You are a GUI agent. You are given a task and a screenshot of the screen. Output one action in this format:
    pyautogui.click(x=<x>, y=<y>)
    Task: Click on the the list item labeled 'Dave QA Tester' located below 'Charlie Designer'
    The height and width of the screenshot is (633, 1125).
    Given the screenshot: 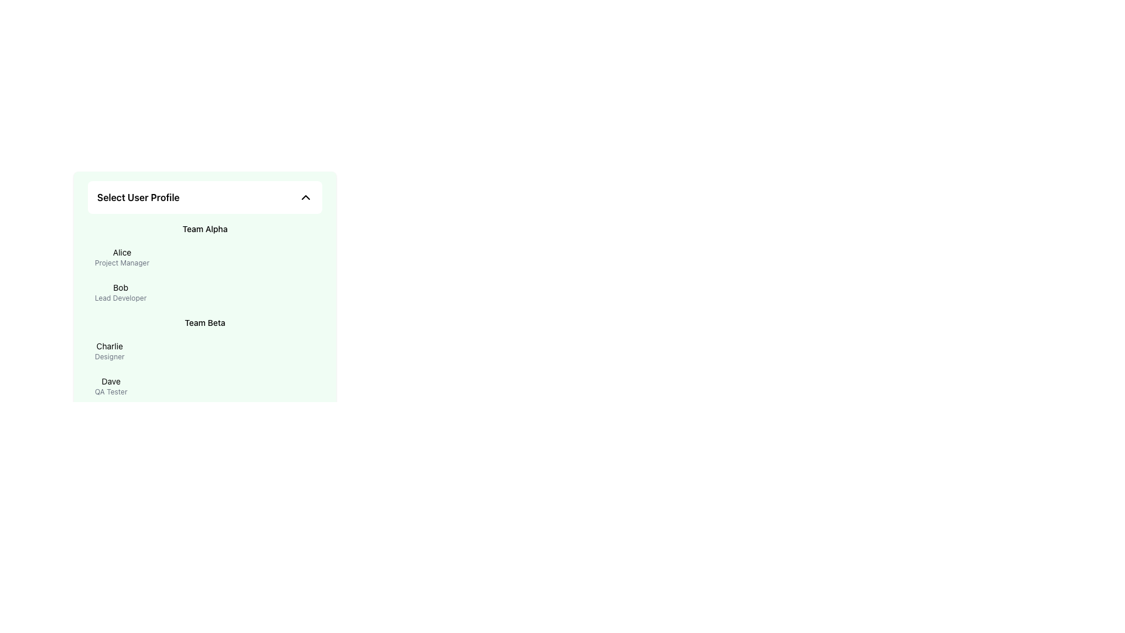 What is the action you would take?
    pyautogui.click(x=205, y=386)
    